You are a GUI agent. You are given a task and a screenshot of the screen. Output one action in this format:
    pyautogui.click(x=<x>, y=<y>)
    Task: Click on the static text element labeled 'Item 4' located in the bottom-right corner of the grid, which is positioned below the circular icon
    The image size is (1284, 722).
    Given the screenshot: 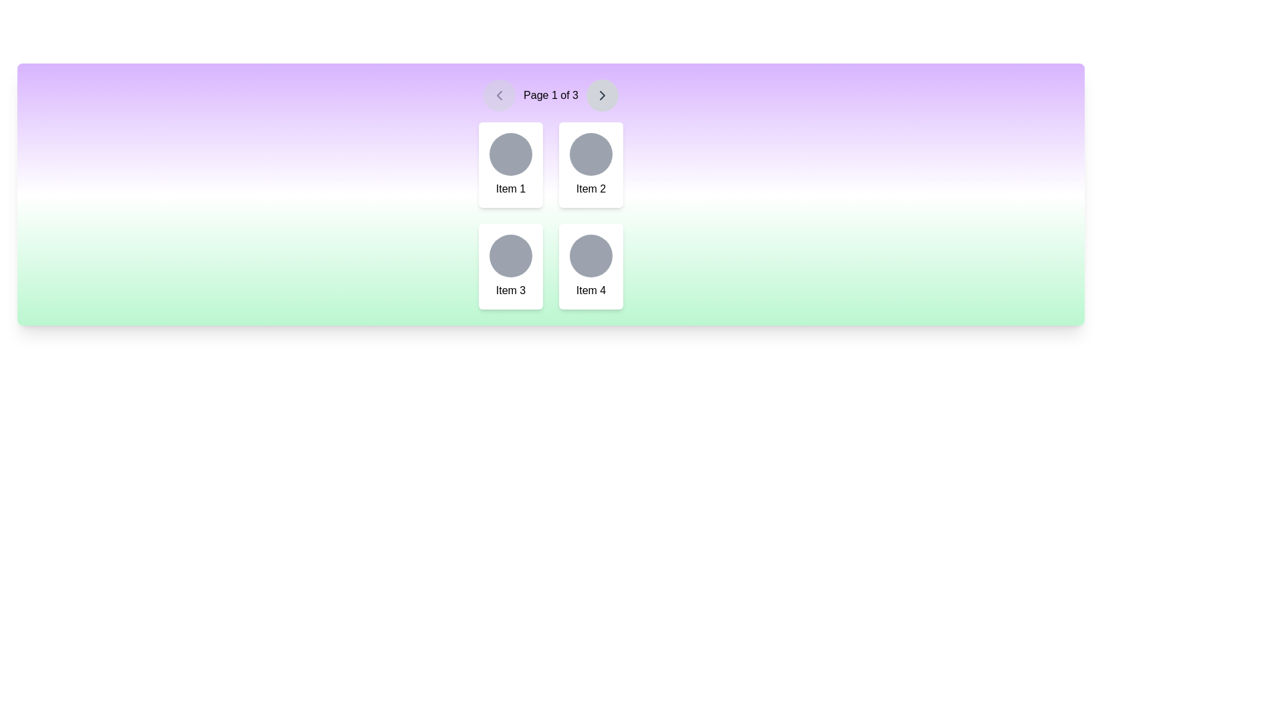 What is the action you would take?
    pyautogui.click(x=590, y=290)
    